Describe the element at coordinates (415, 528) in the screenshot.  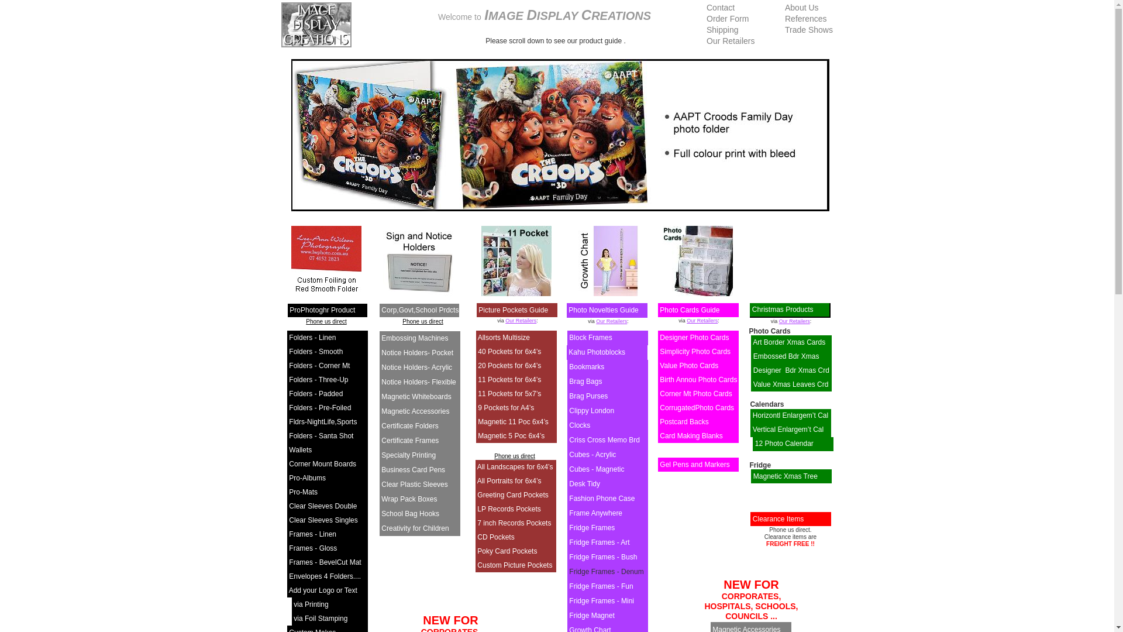
I see `'Creativity for Children'` at that location.